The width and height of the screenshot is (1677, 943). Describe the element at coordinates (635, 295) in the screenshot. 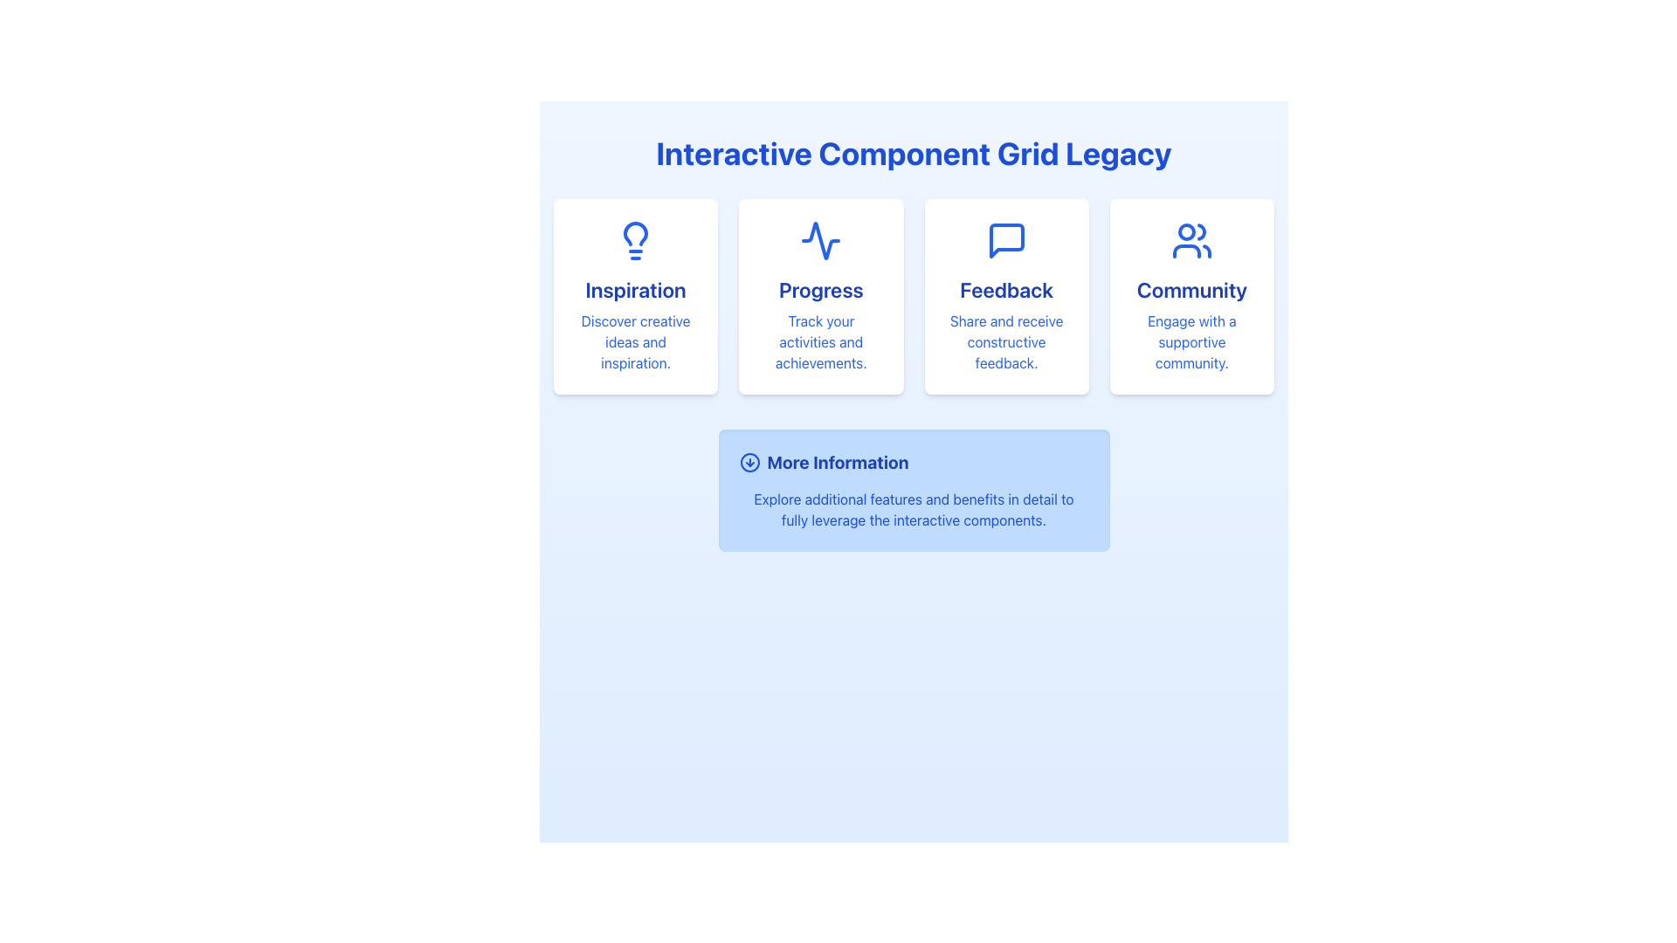

I see `the top-left card in the 2x2 grid` at that location.